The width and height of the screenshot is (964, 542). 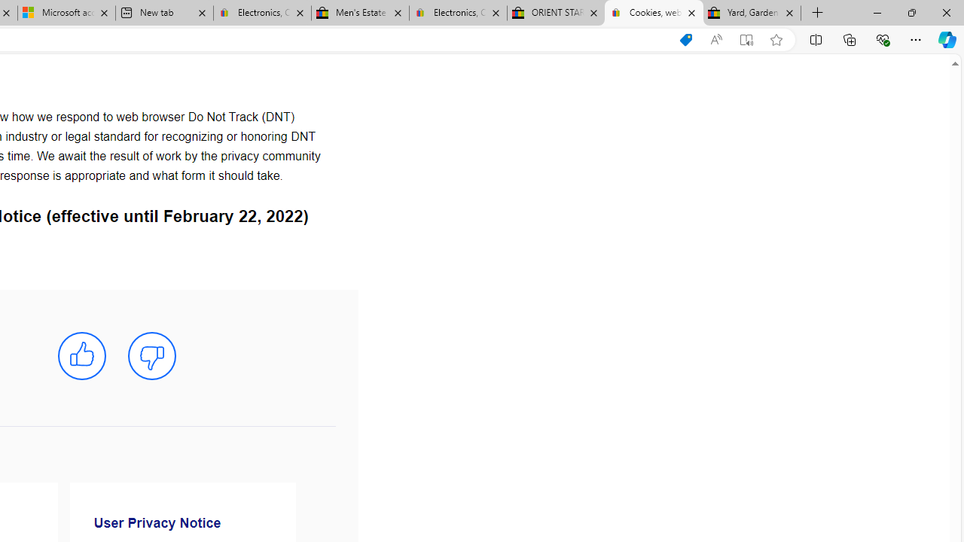 I want to click on 'mark this article helpful', so click(x=81, y=356).